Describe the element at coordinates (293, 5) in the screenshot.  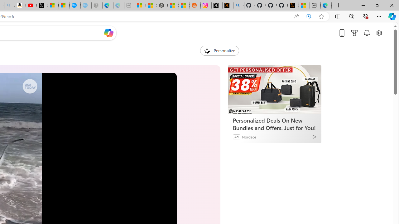
I see `'X Privacy Policy'` at that location.